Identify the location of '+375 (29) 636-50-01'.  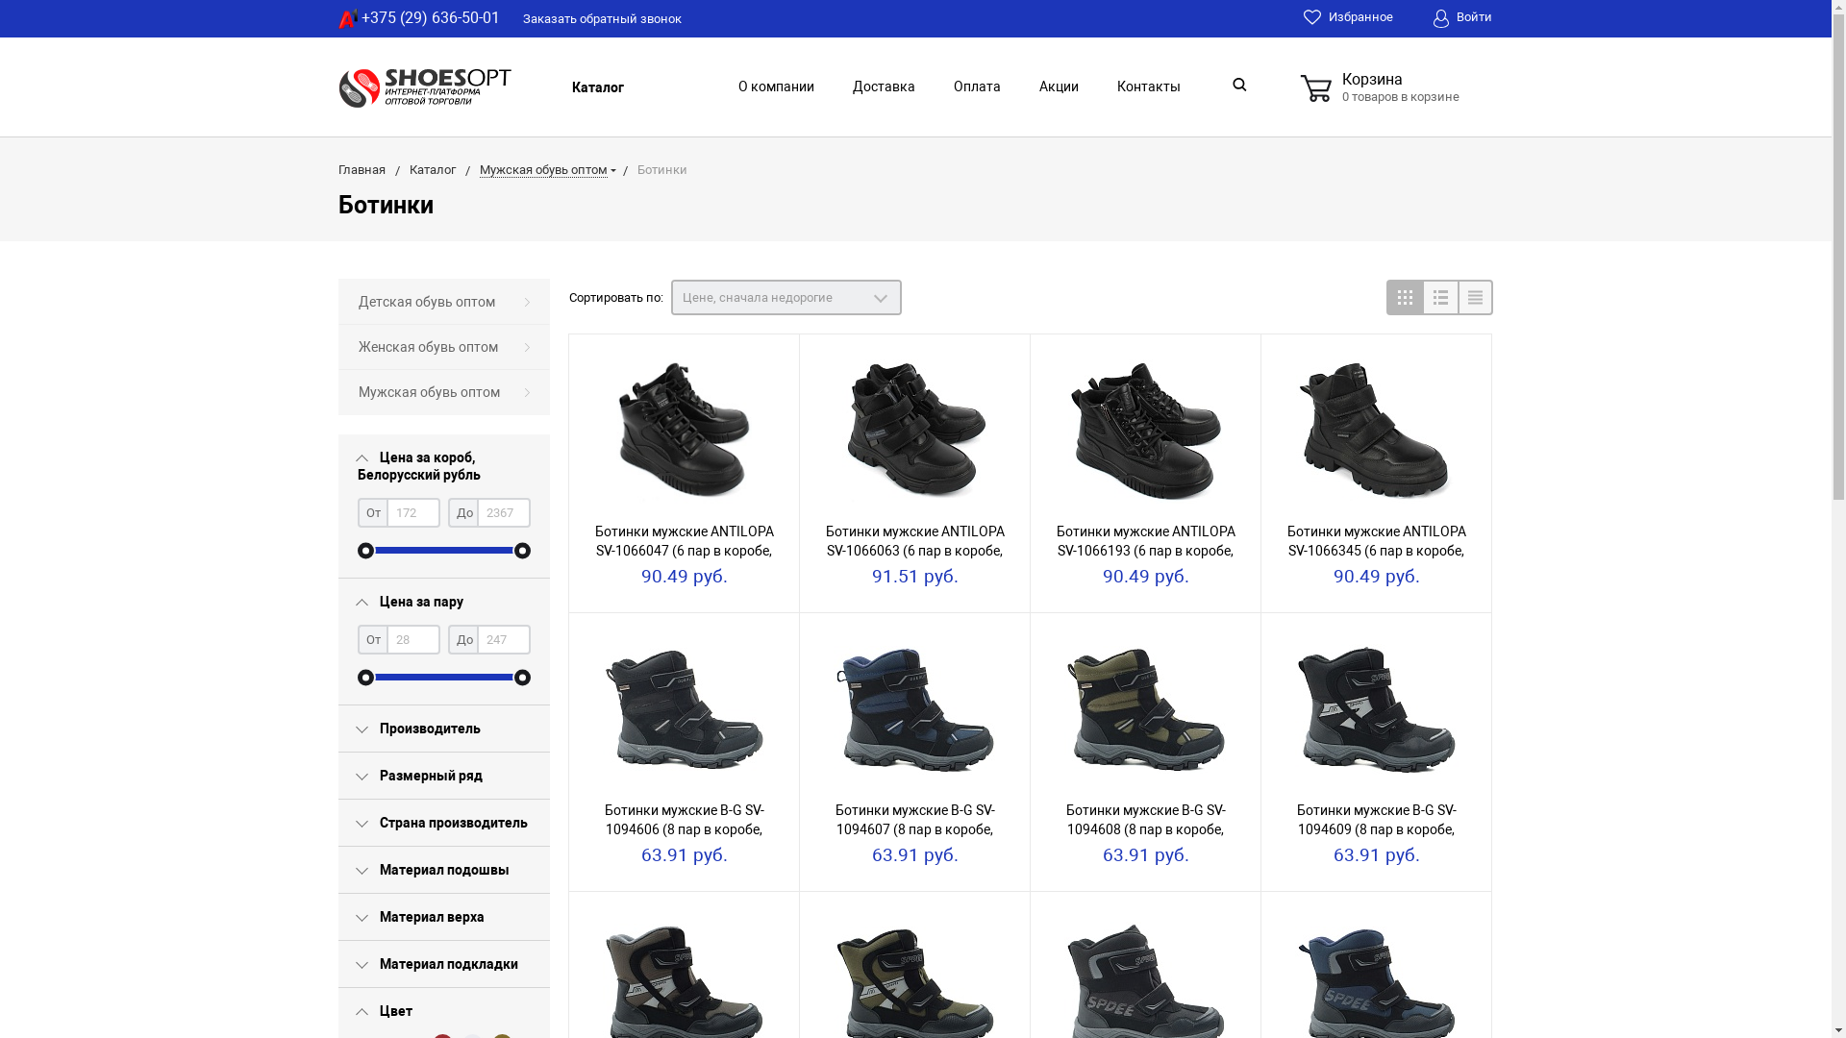
(418, 18).